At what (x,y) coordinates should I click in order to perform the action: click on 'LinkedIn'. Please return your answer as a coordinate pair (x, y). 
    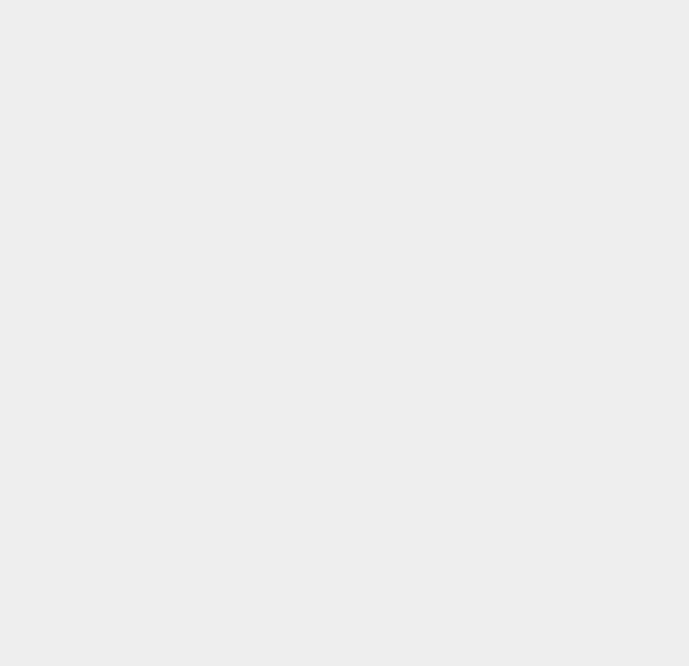
    Looking at the image, I should click on (487, 282).